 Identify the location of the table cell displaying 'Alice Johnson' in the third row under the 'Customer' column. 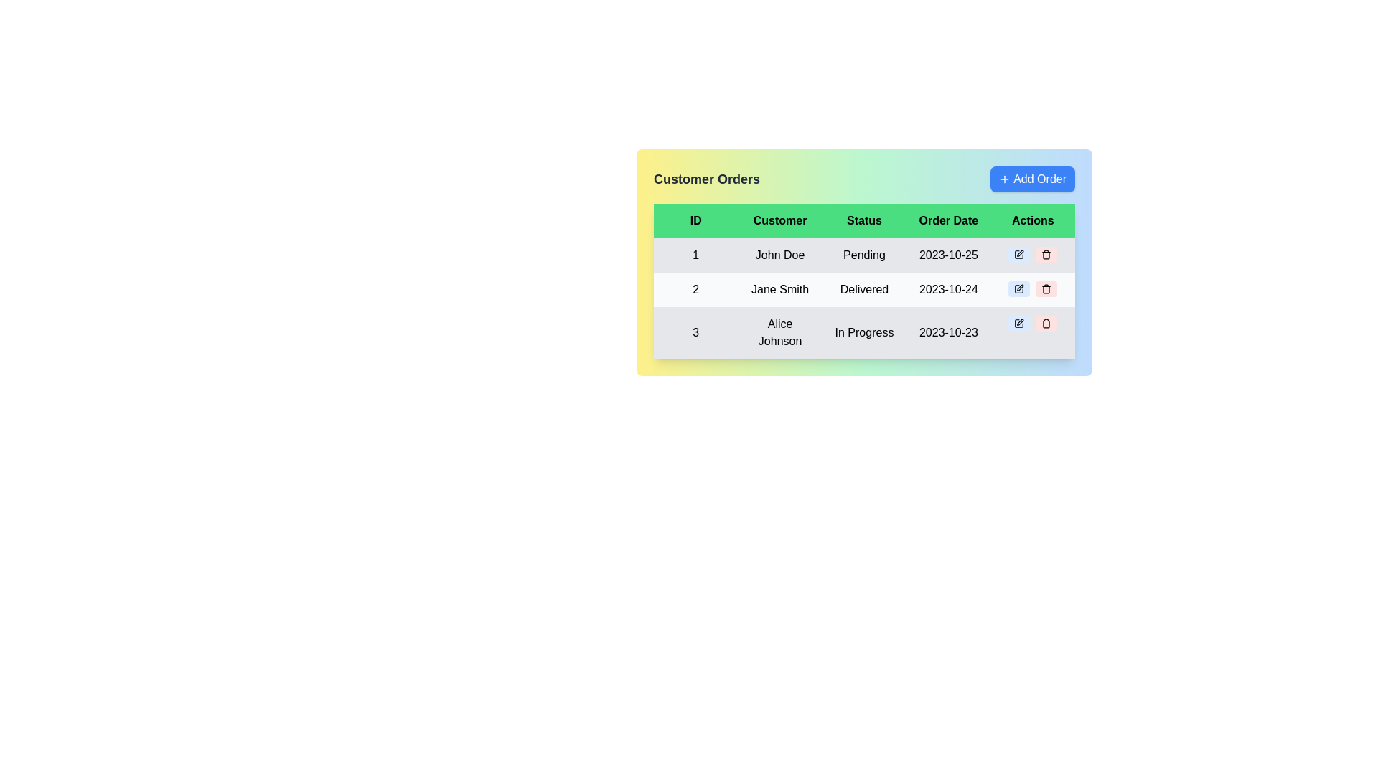
(779, 332).